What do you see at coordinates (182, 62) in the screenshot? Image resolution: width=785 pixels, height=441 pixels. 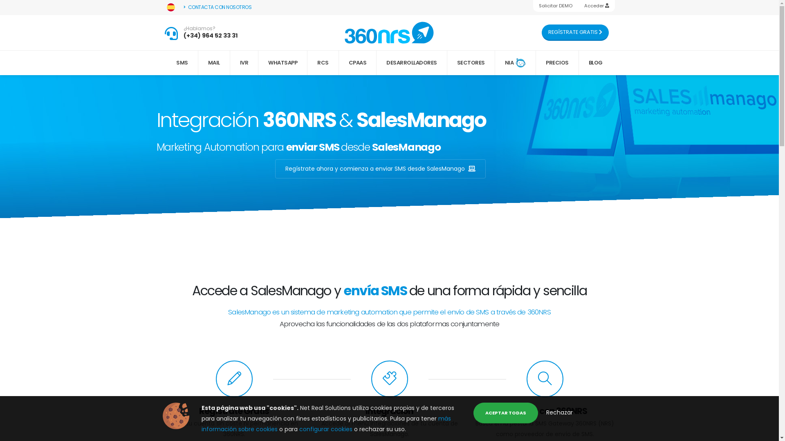 I see `'SMS'` at bounding box center [182, 62].